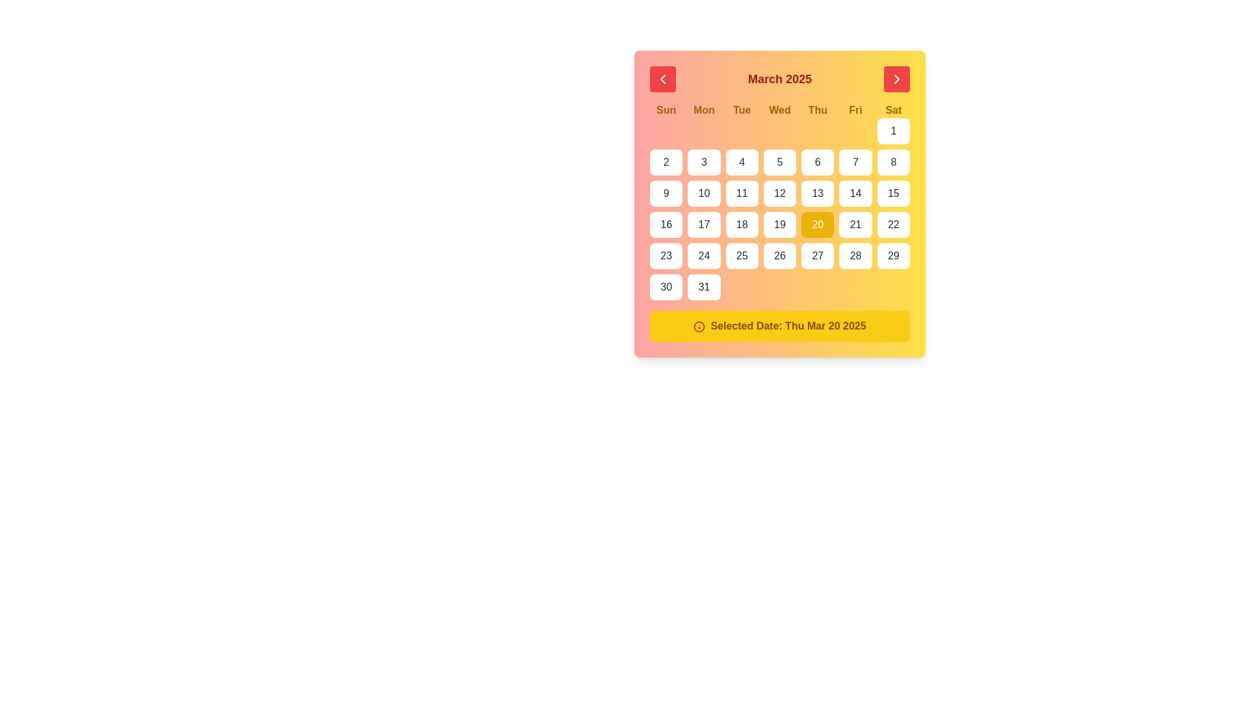 This screenshot has width=1248, height=702. What do you see at coordinates (742, 224) in the screenshot?
I see `the rounded rectangular button labeled '18' in the calendar grid` at bounding box center [742, 224].